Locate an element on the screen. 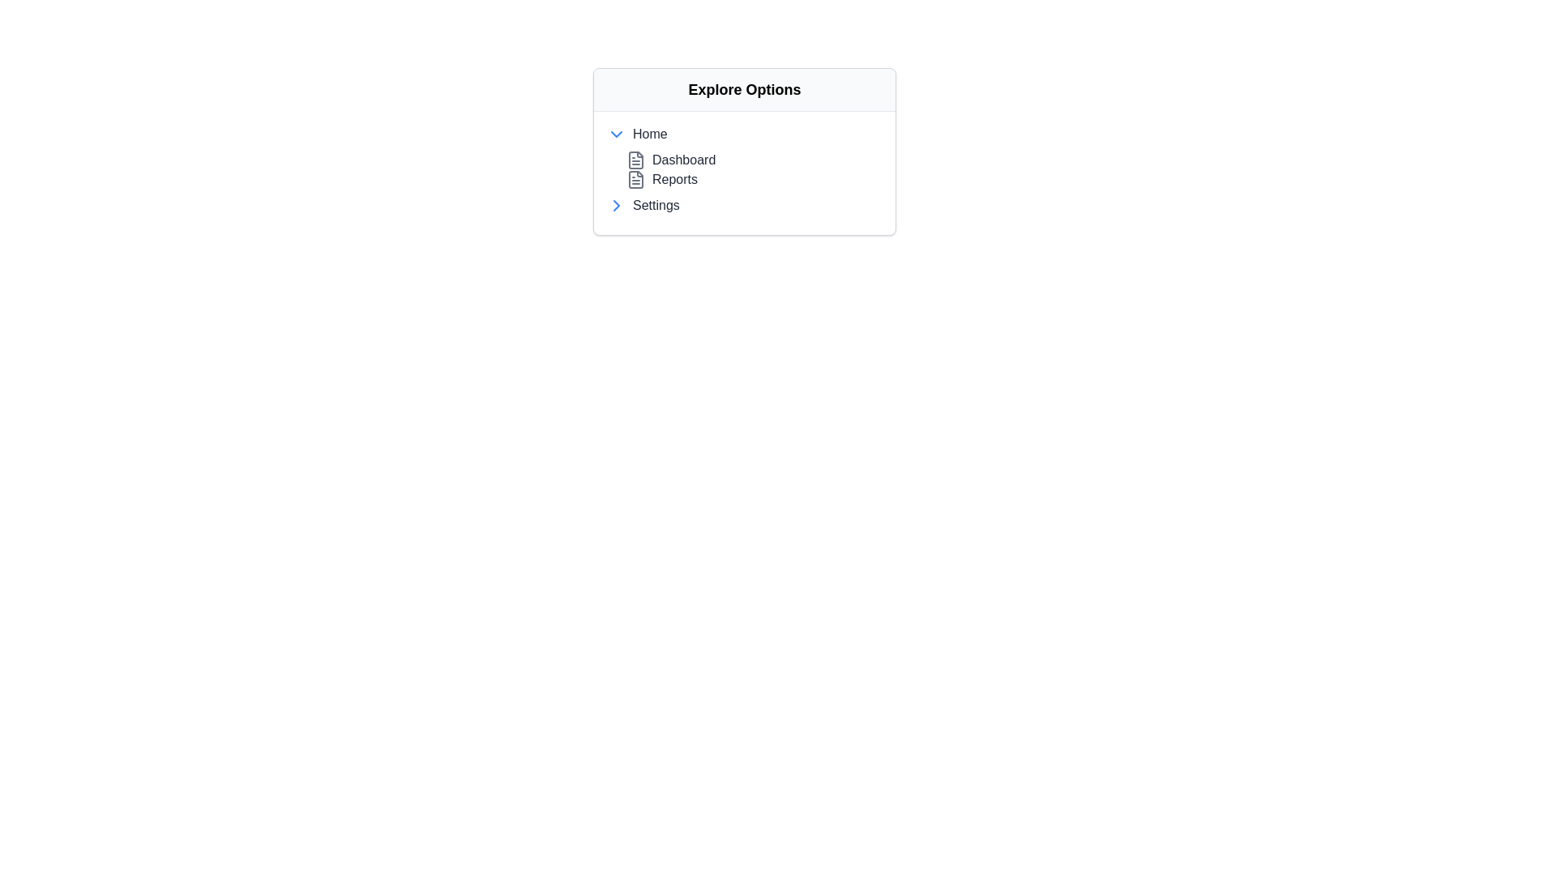  the file/document icon with a gray outline located to the left of the 'Dashboard' text is located at coordinates (635, 160).